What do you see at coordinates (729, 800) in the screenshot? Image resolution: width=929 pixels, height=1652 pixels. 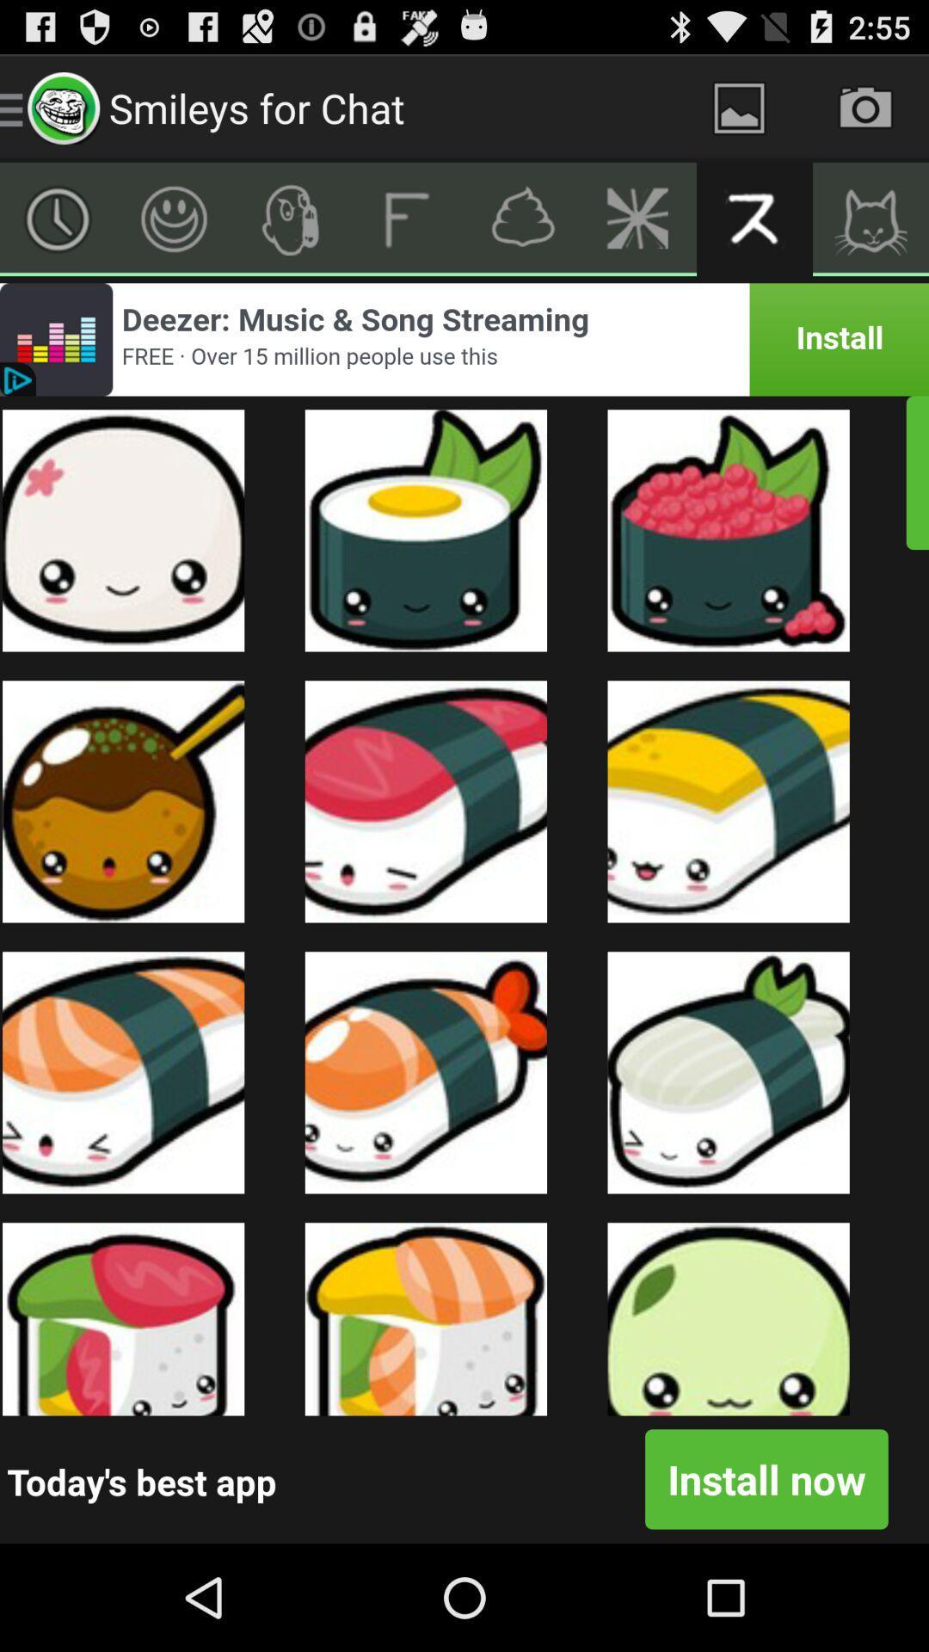 I see `the image which is right to the sleeping emoji symbol` at bounding box center [729, 800].